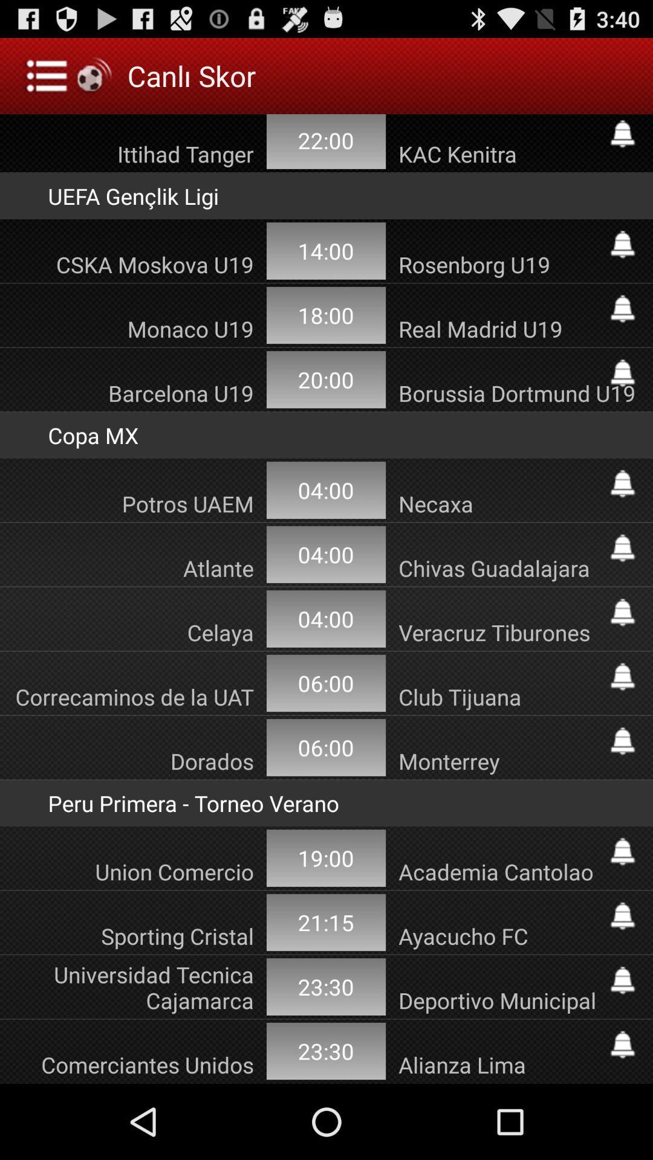  I want to click on set an alert for the time of this game, so click(622, 851).